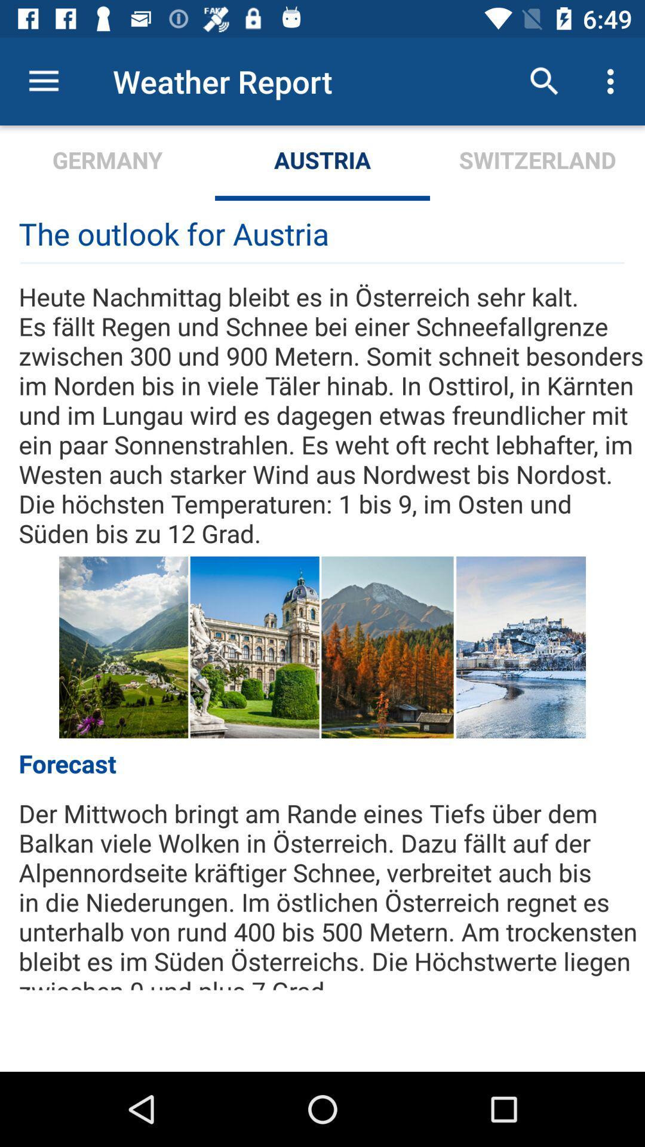  I want to click on item to the right of the austria item, so click(544, 81).